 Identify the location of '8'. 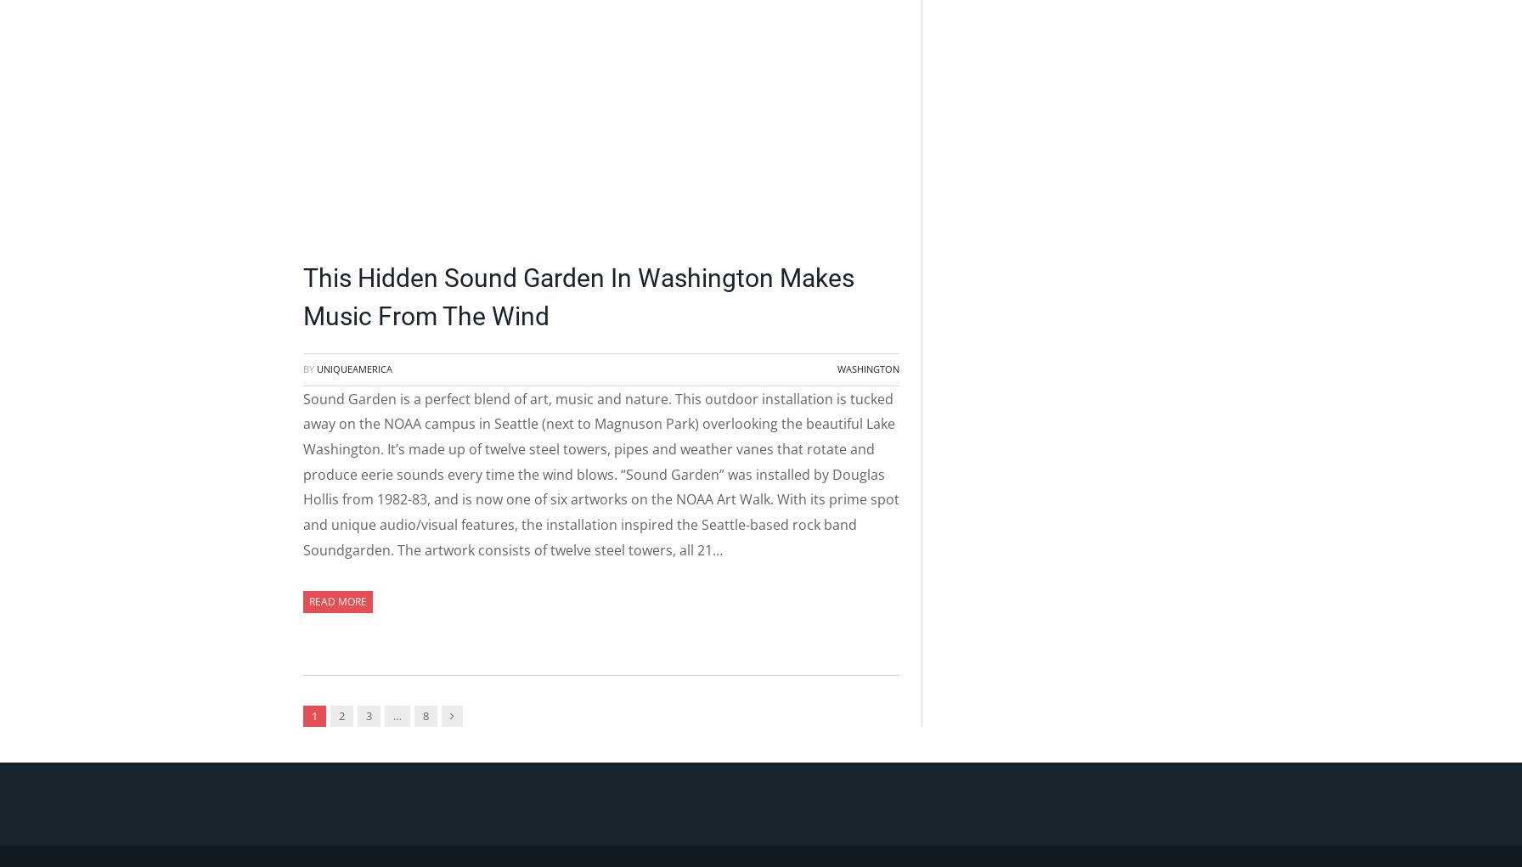
(426, 715).